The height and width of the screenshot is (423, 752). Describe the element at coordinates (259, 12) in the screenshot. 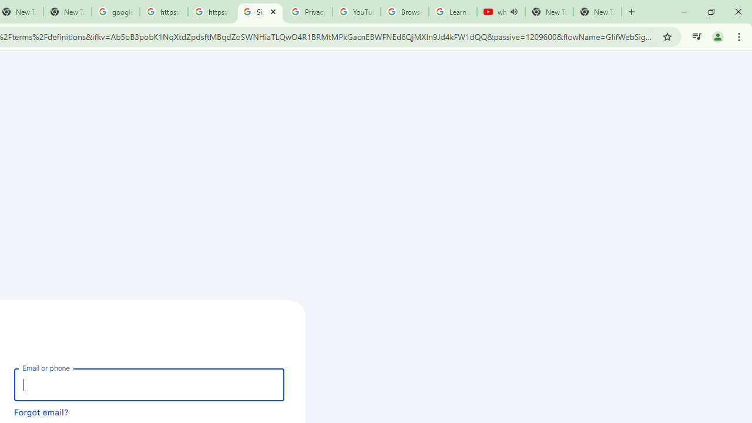

I see `'Sign in - Google Accounts'` at that location.